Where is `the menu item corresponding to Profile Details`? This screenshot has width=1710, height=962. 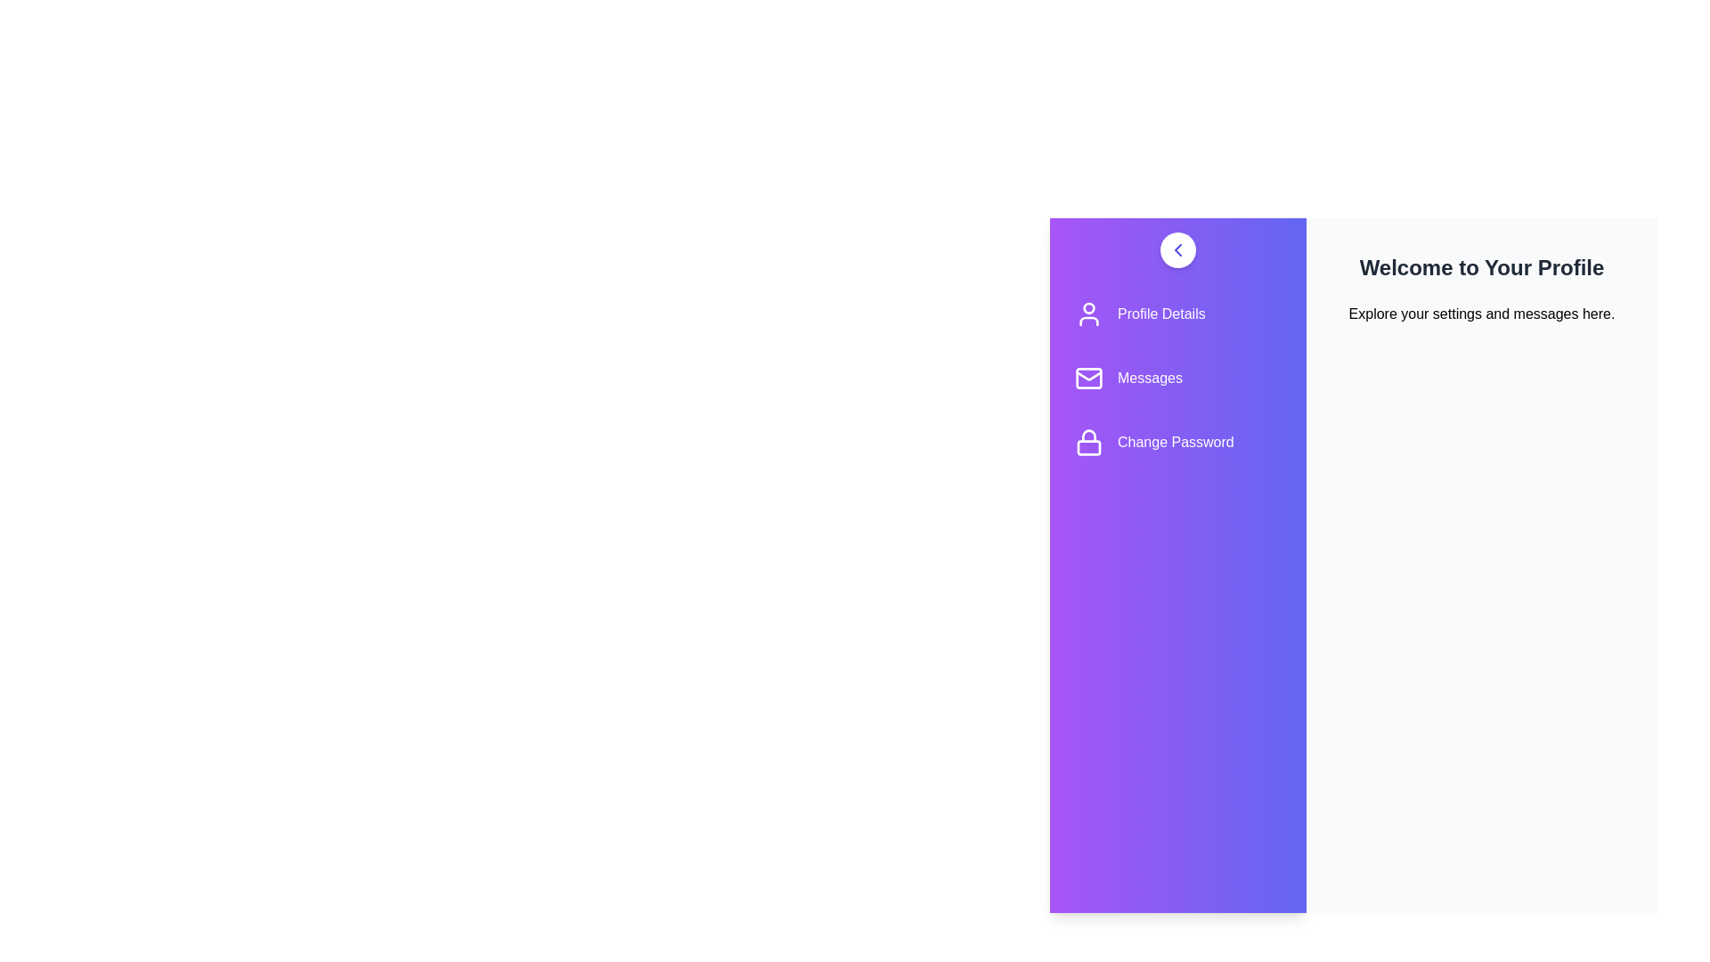
the menu item corresponding to Profile Details is located at coordinates (1178, 314).